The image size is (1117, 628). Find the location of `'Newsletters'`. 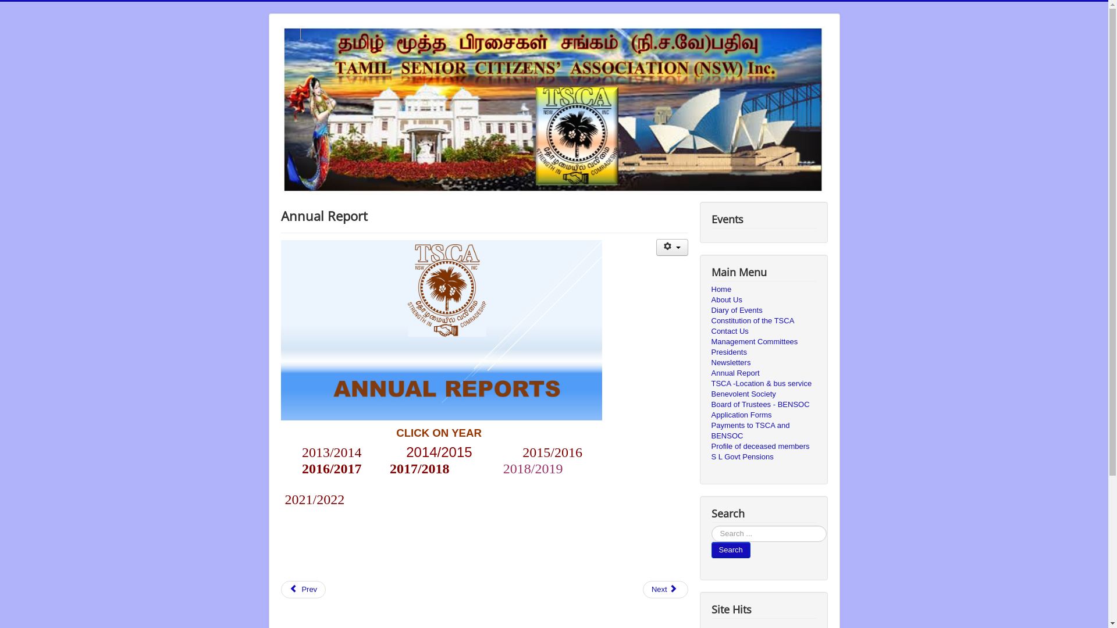

'Newsletters' is located at coordinates (763, 362).